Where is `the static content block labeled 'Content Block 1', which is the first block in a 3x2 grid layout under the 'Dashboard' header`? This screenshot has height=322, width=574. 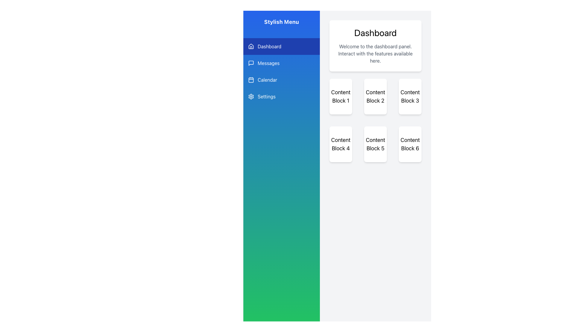
the static content block labeled 'Content Block 1', which is the first block in a 3x2 grid layout under the 'Dashboard' header is located at coordinates (341, 96).